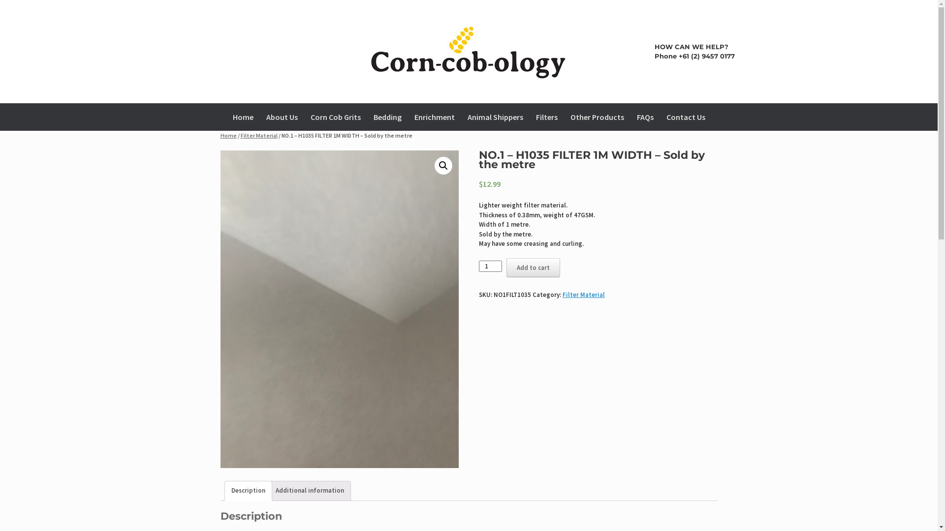 The width and height of the screenshot is (945, 531). Describe the element at coordinates (340, 308) in the screenshot. I see `'IMG_2043'` at that location.